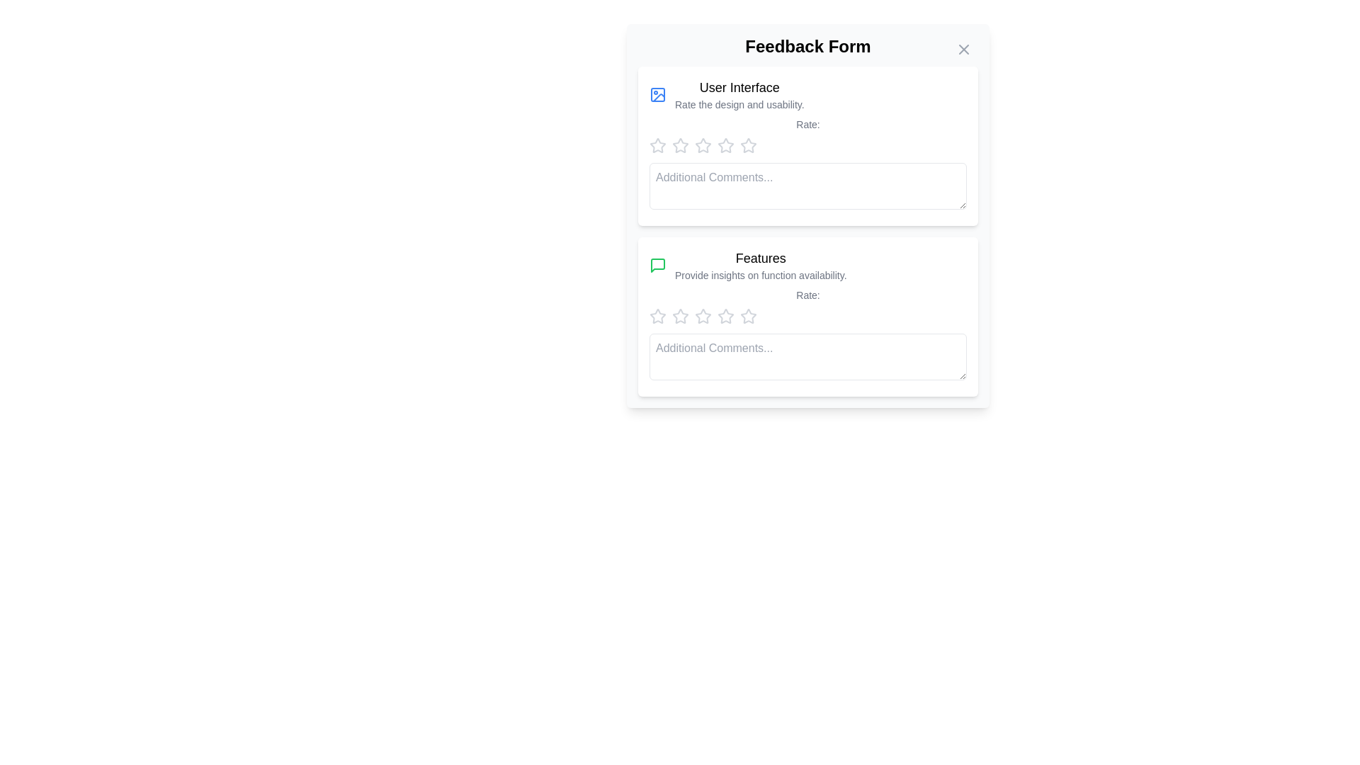  I want to click on the Text block that serves as a title and descriptive text for the feedback category indicating feedback on 'Features', positioned beneath the 'User Interface' section, so click(760, 265).